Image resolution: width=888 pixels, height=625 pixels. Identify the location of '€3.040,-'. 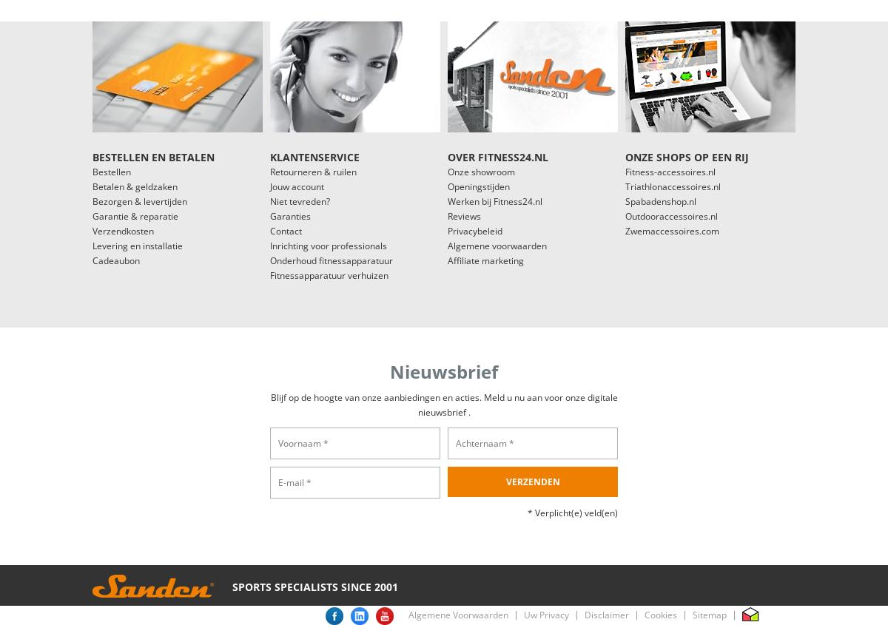
(215, 131).